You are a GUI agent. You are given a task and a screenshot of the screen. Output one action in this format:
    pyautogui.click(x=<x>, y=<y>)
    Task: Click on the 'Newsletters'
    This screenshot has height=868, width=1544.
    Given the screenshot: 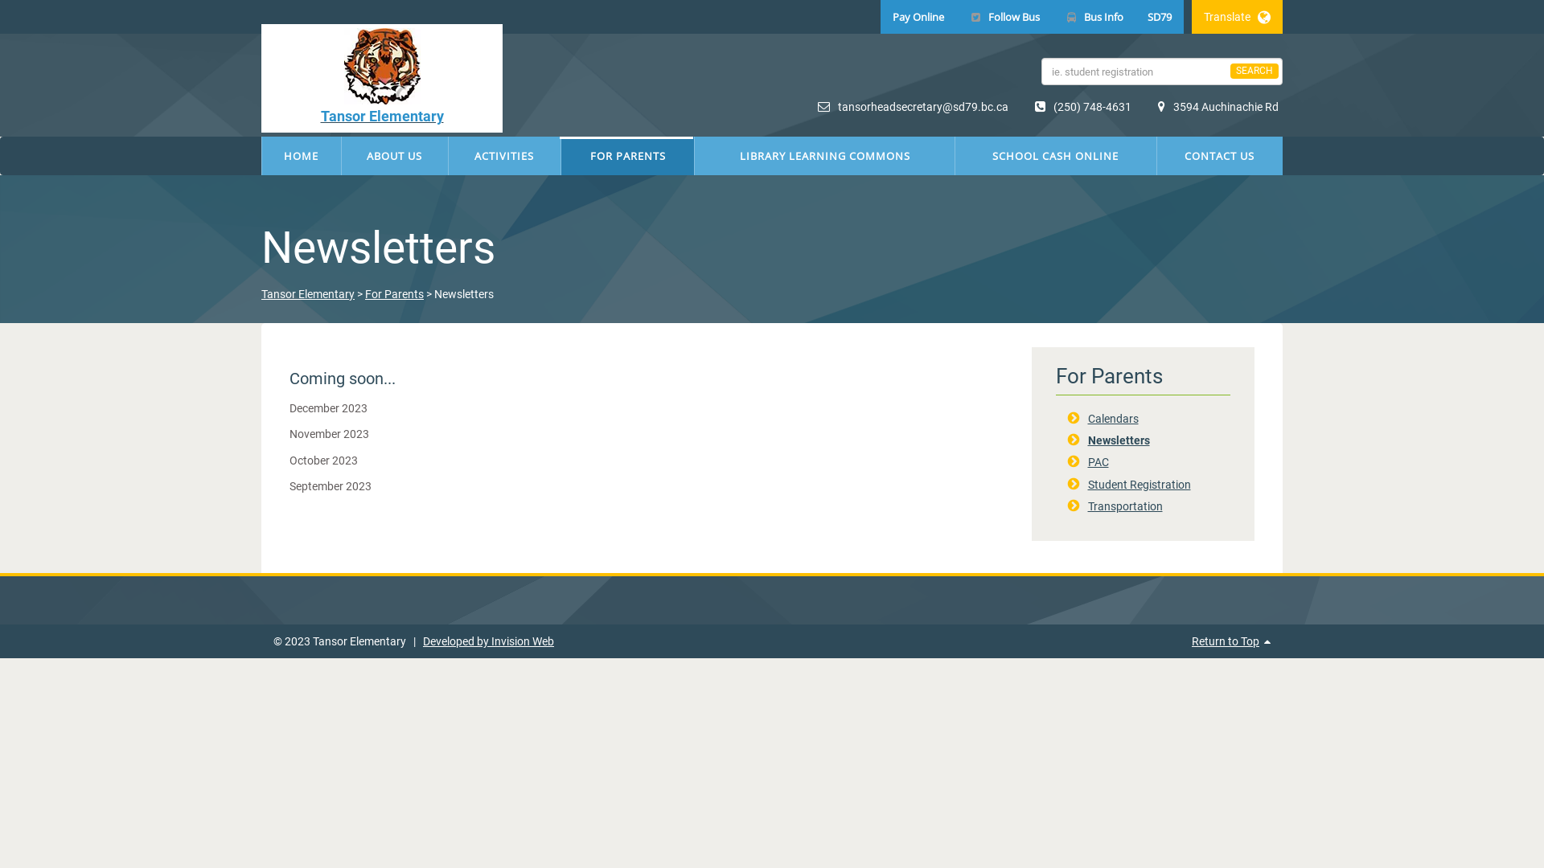 What is the action you would take?
    pyautogui.click(x=1117, y=440)
    